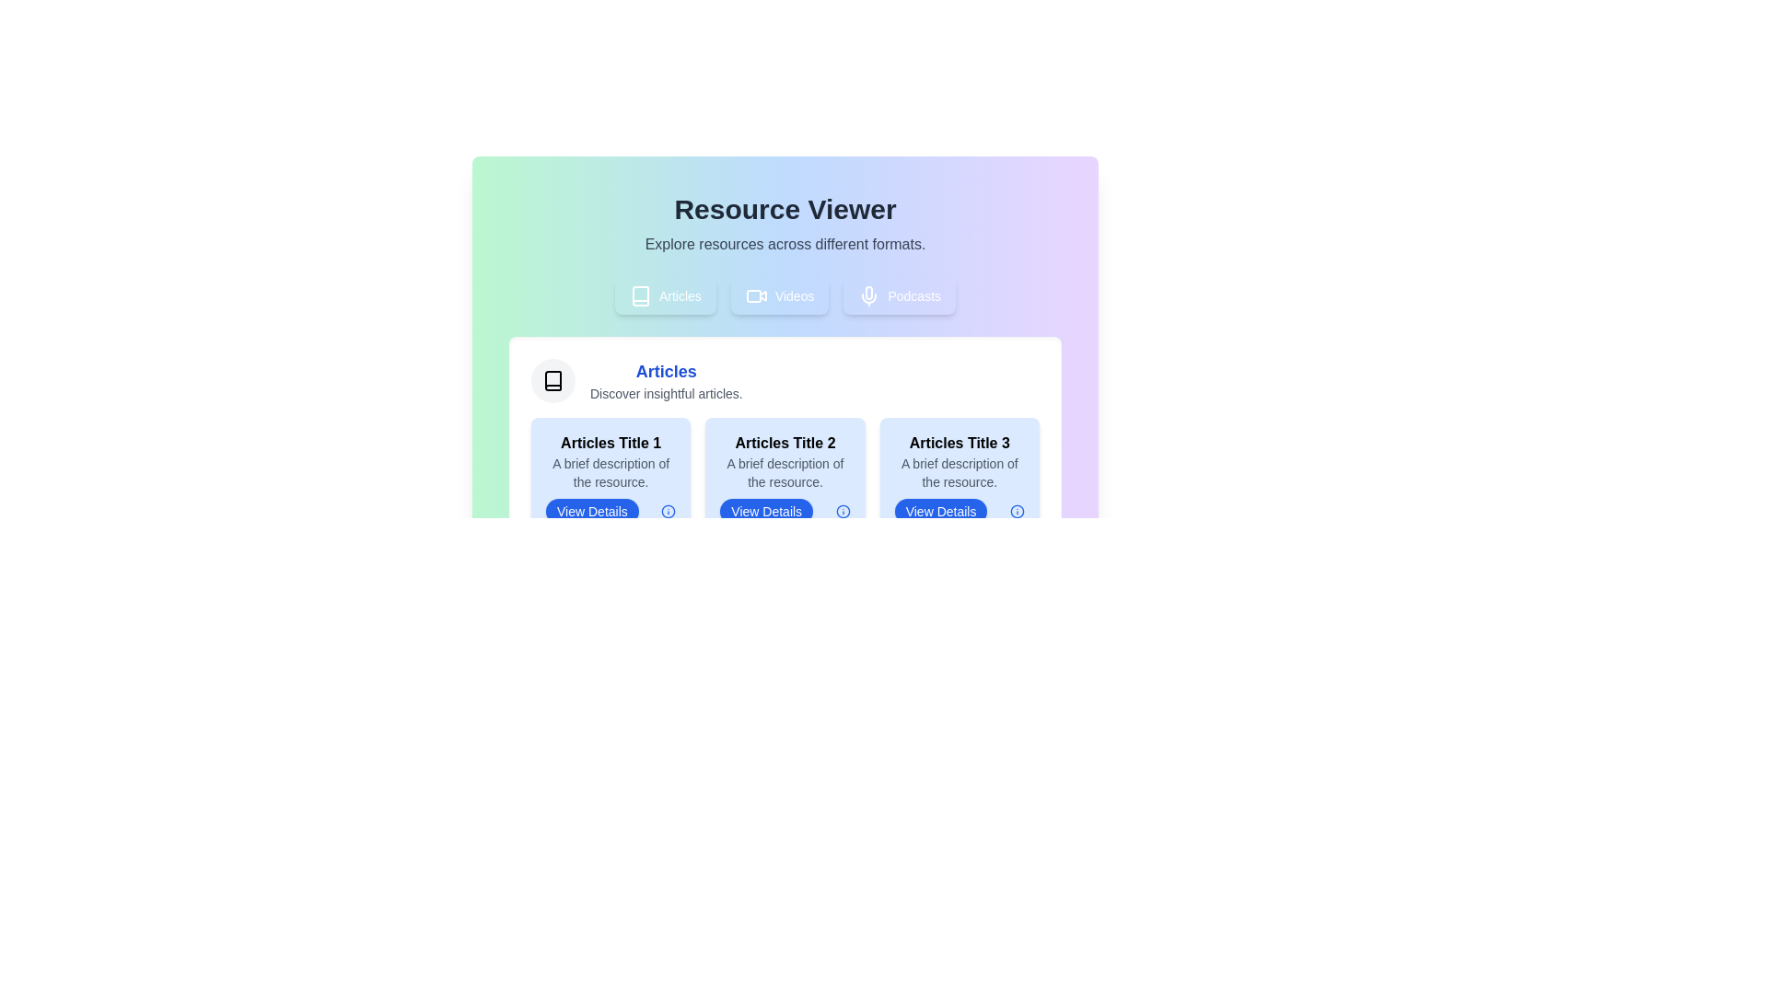 The width and height of the screenshot is (1768, 994). What do you see at coordinates (1016, 511) in the screenshot?
I see `the appearance of the central circular shape of the info icon, which is part of an SVG component` at bounding box center [1016, 511].